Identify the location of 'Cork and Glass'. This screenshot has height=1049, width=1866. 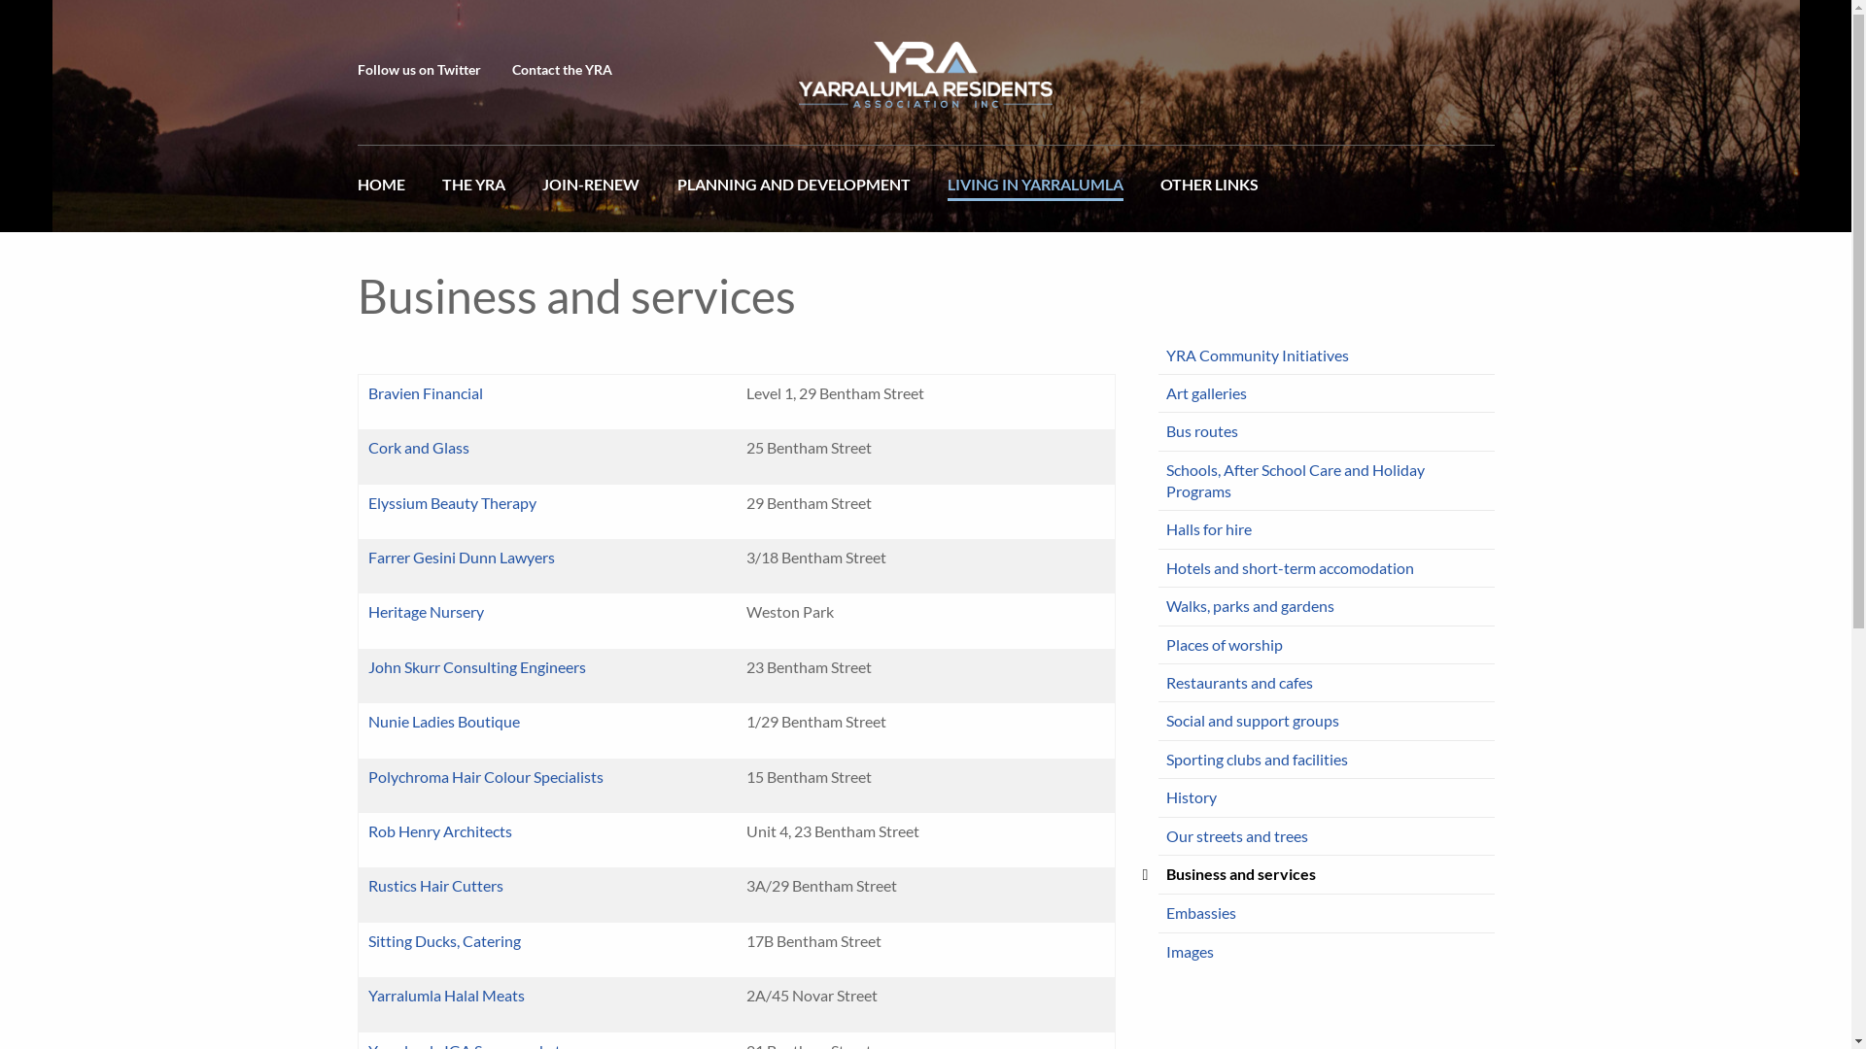
(367, 447).